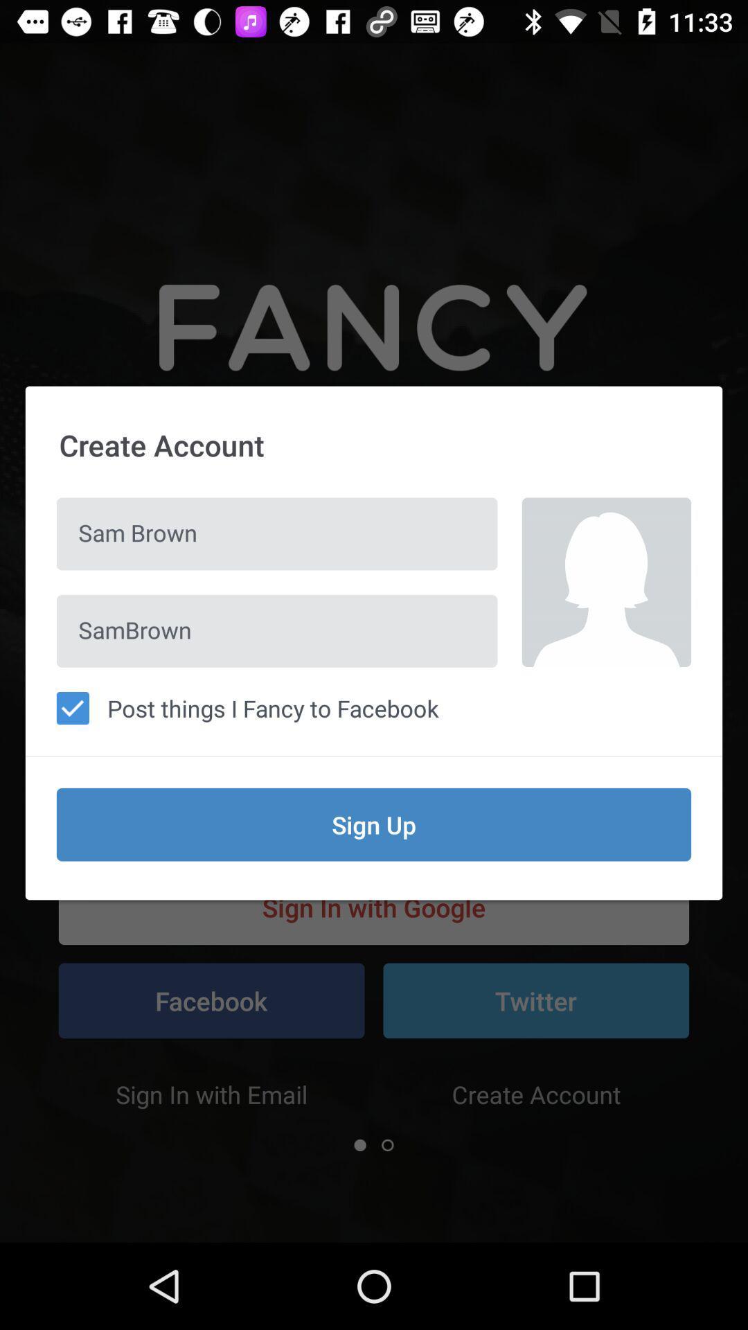 This screenshot has height=1330, width=748. I want to click on the icon below create account icon, so click(605, 582).